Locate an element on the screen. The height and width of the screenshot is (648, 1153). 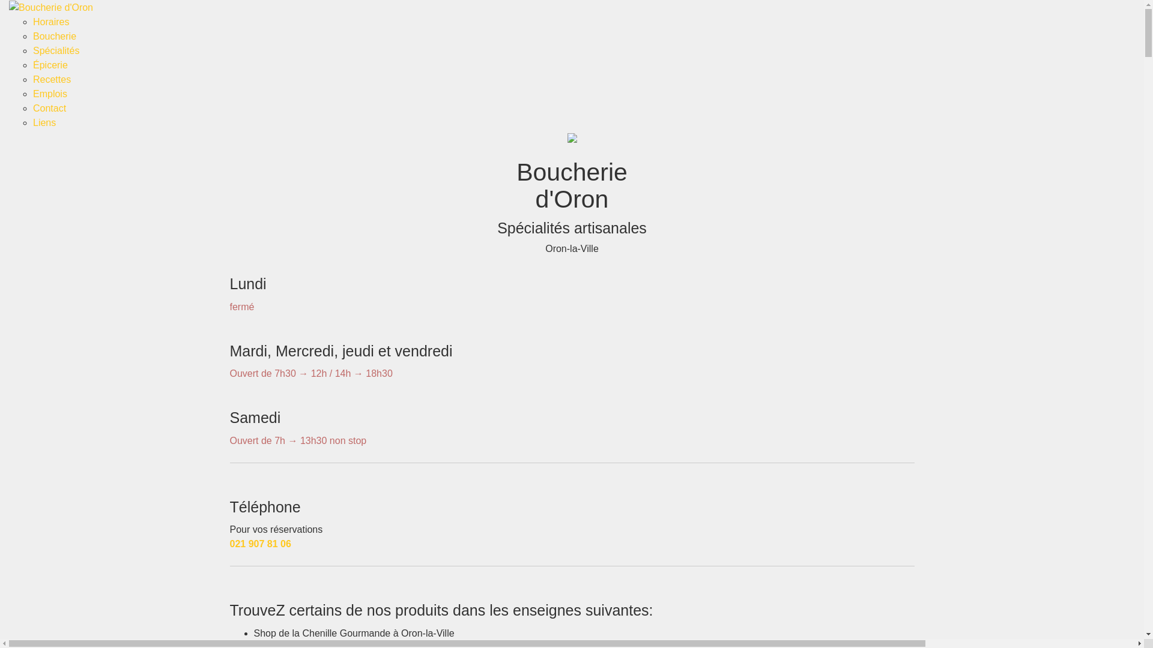
'Contact' is located at coordinates (49, 108).